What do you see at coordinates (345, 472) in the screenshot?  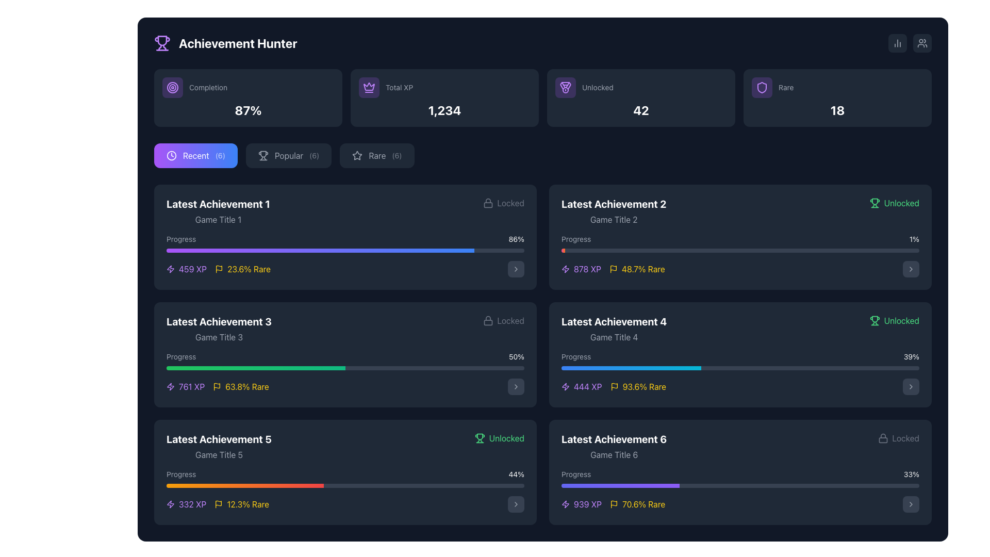 I see `the Information Card summarizing a specific achievement in the gaming interface to focus on it` at bounding box center [345, 472].